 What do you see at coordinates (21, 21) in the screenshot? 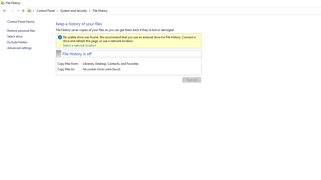
I see `'Control Panel Home'` at bounding box center [21, 21].